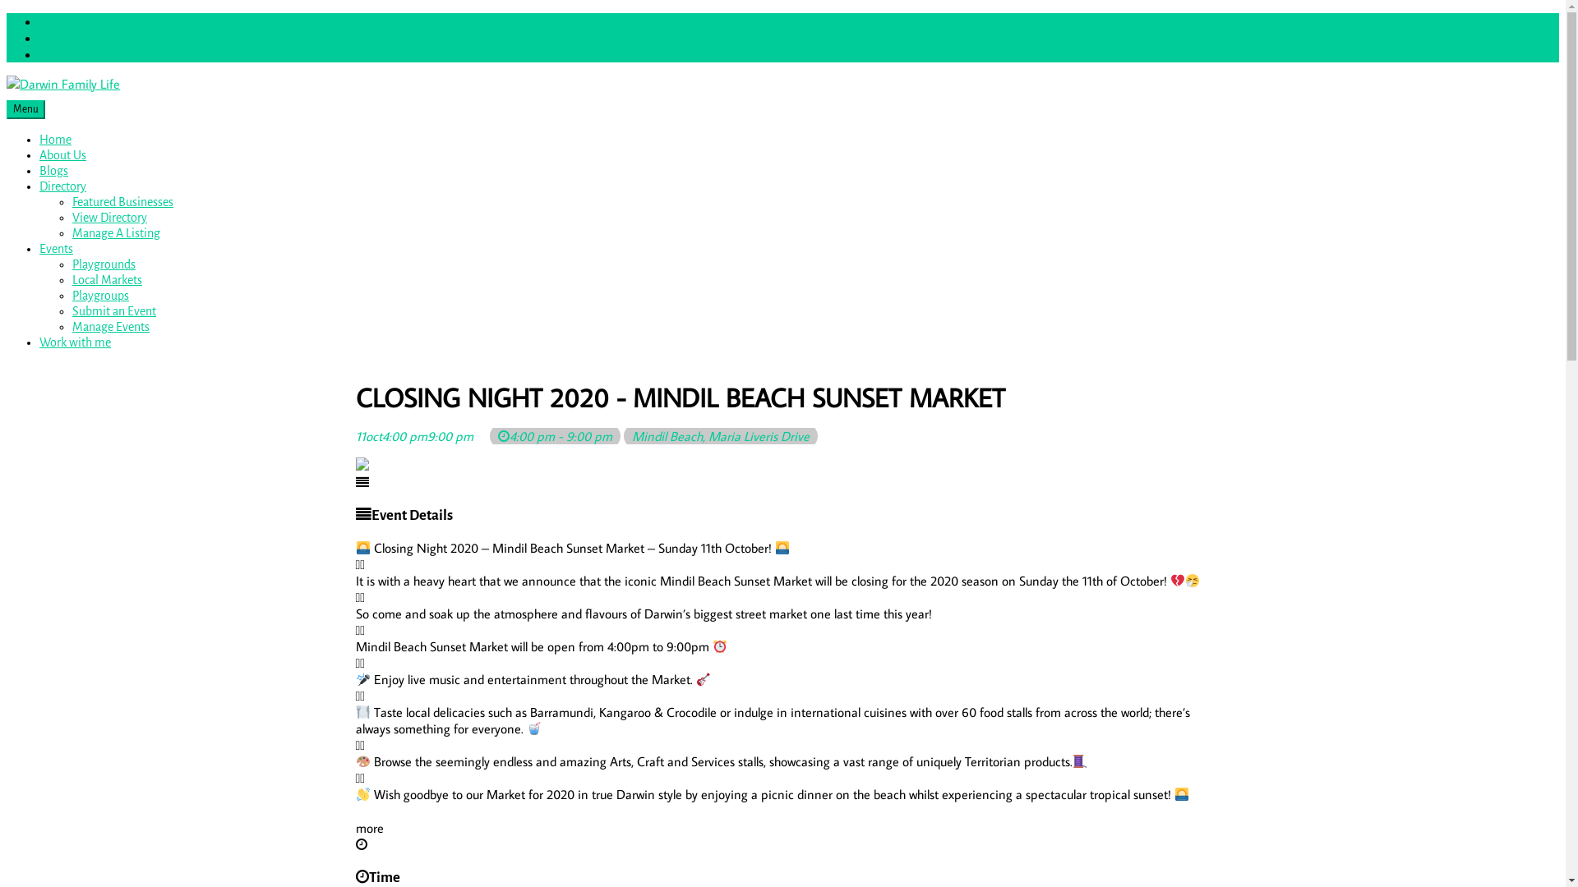  What do you see at coordinates (55, 138) in the screenshot?
I see `'Home'` at bounding box center [55, 138].